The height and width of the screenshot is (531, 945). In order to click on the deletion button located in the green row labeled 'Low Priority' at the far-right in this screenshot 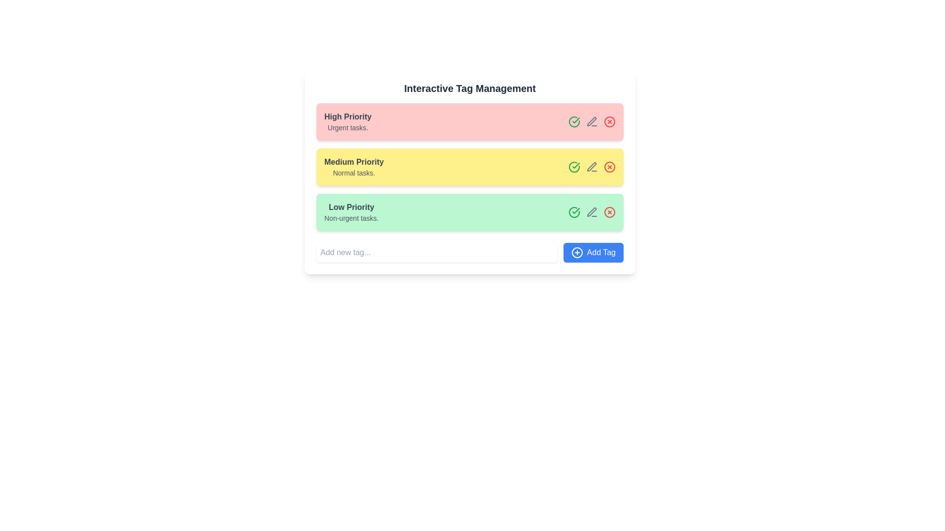, I will do `click(609, 212)`.